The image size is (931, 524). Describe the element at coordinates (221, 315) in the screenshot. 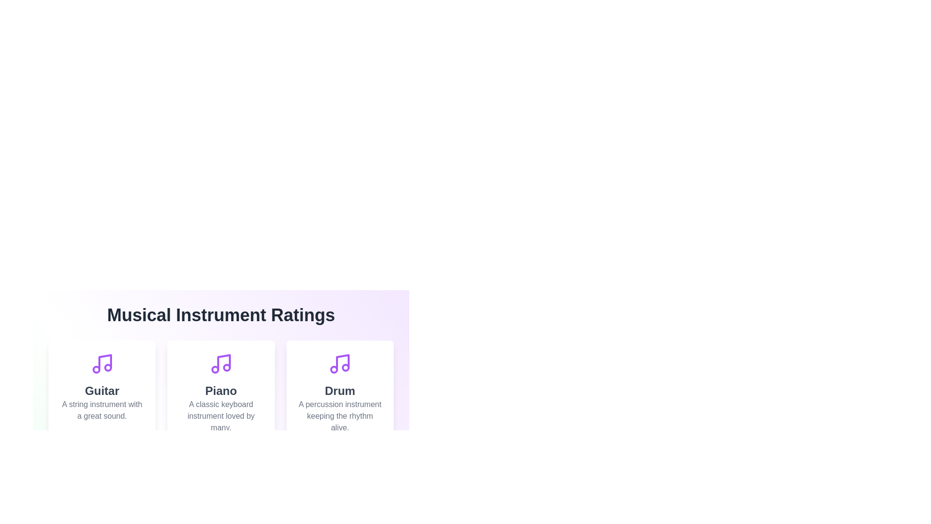

I see `the title of the component, 'Musical Instrument Ratings'` at that location.